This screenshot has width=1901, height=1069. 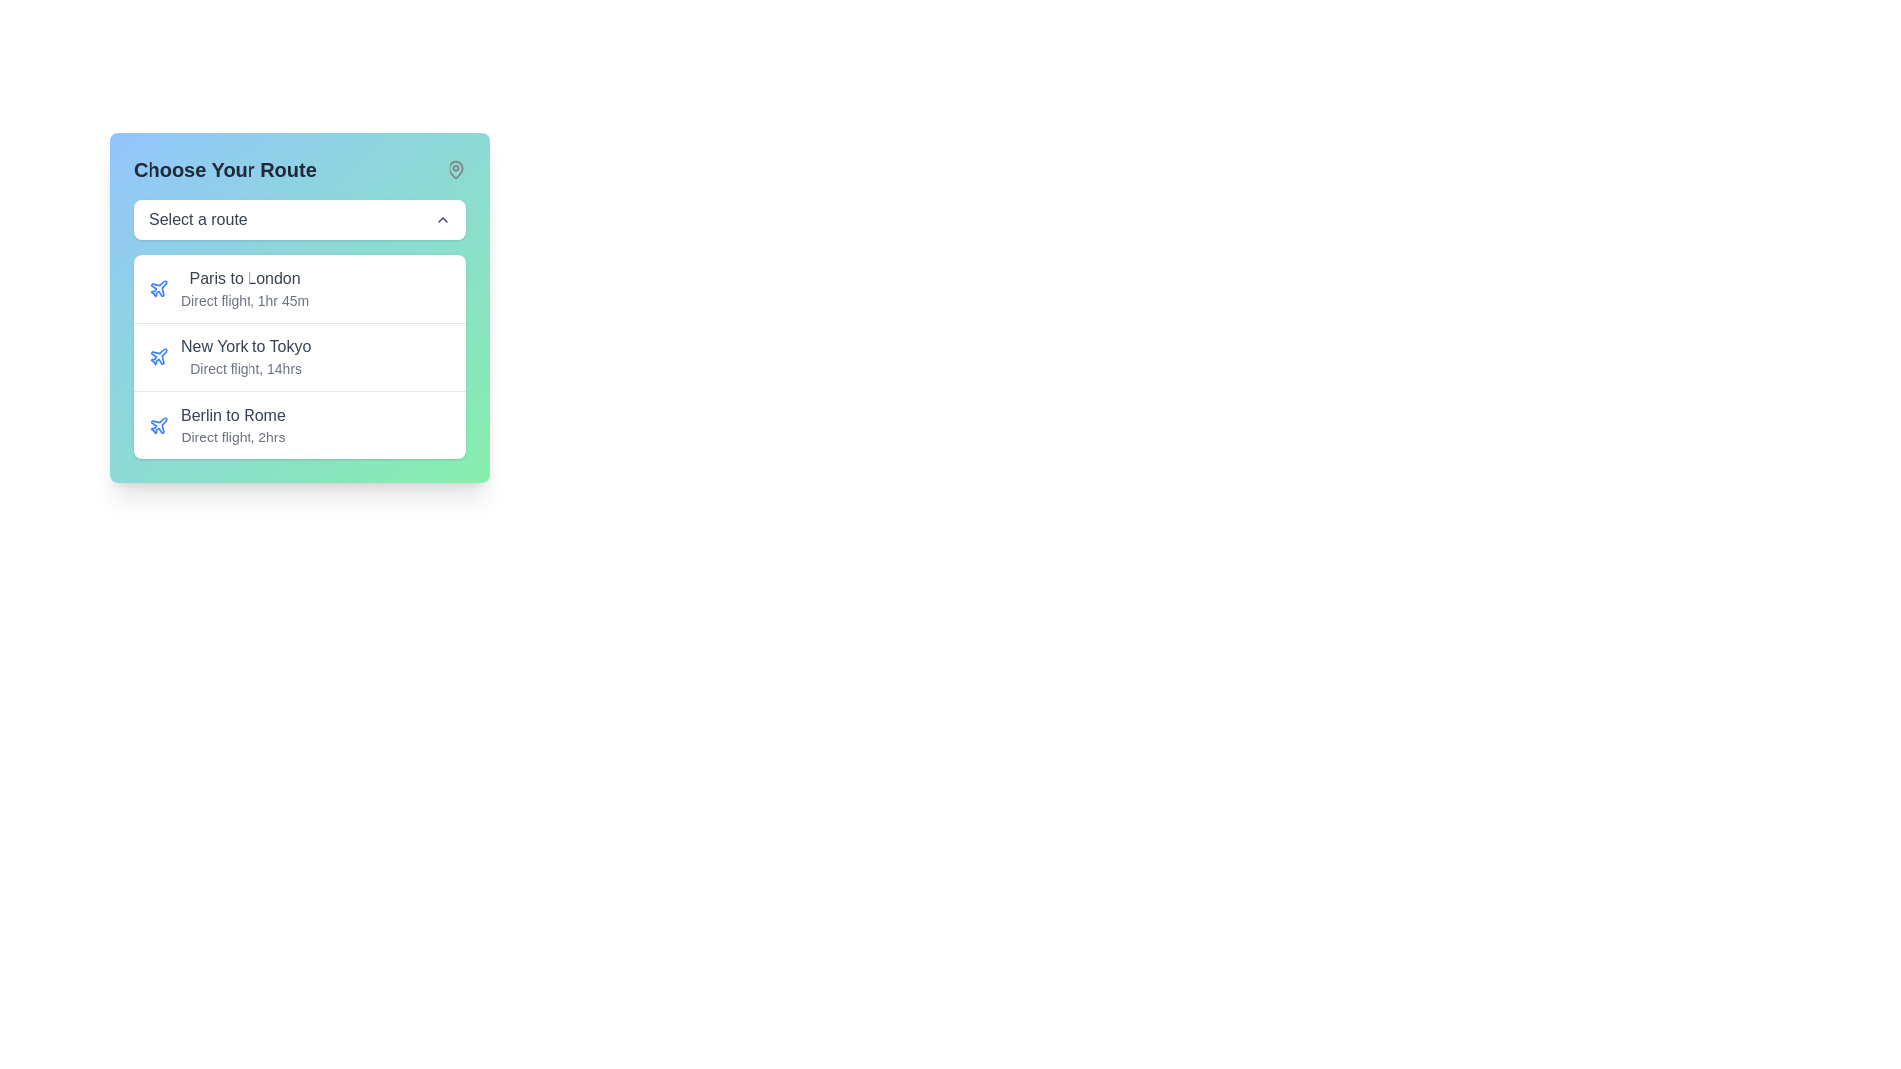 What do you see at coordinates (298, 220) in the screenshot?
I see `the dropdown menu labeled 'Select a route'` at bounding box center [298, 220].